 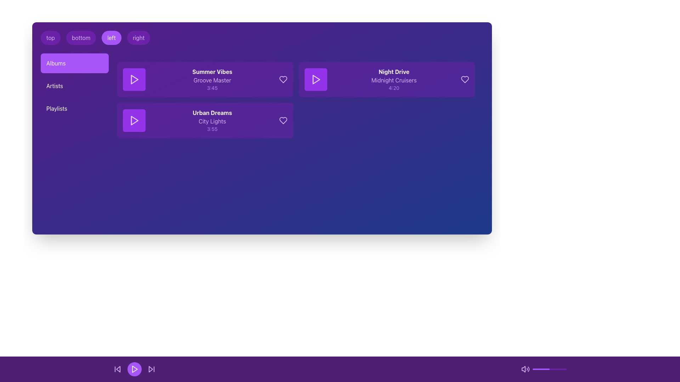 What do you see at coordinates (393, 80) in the screenshot?
I see `the text label displaying 'Midnight Cruisers' in purple` at bounding box center [393, 80].